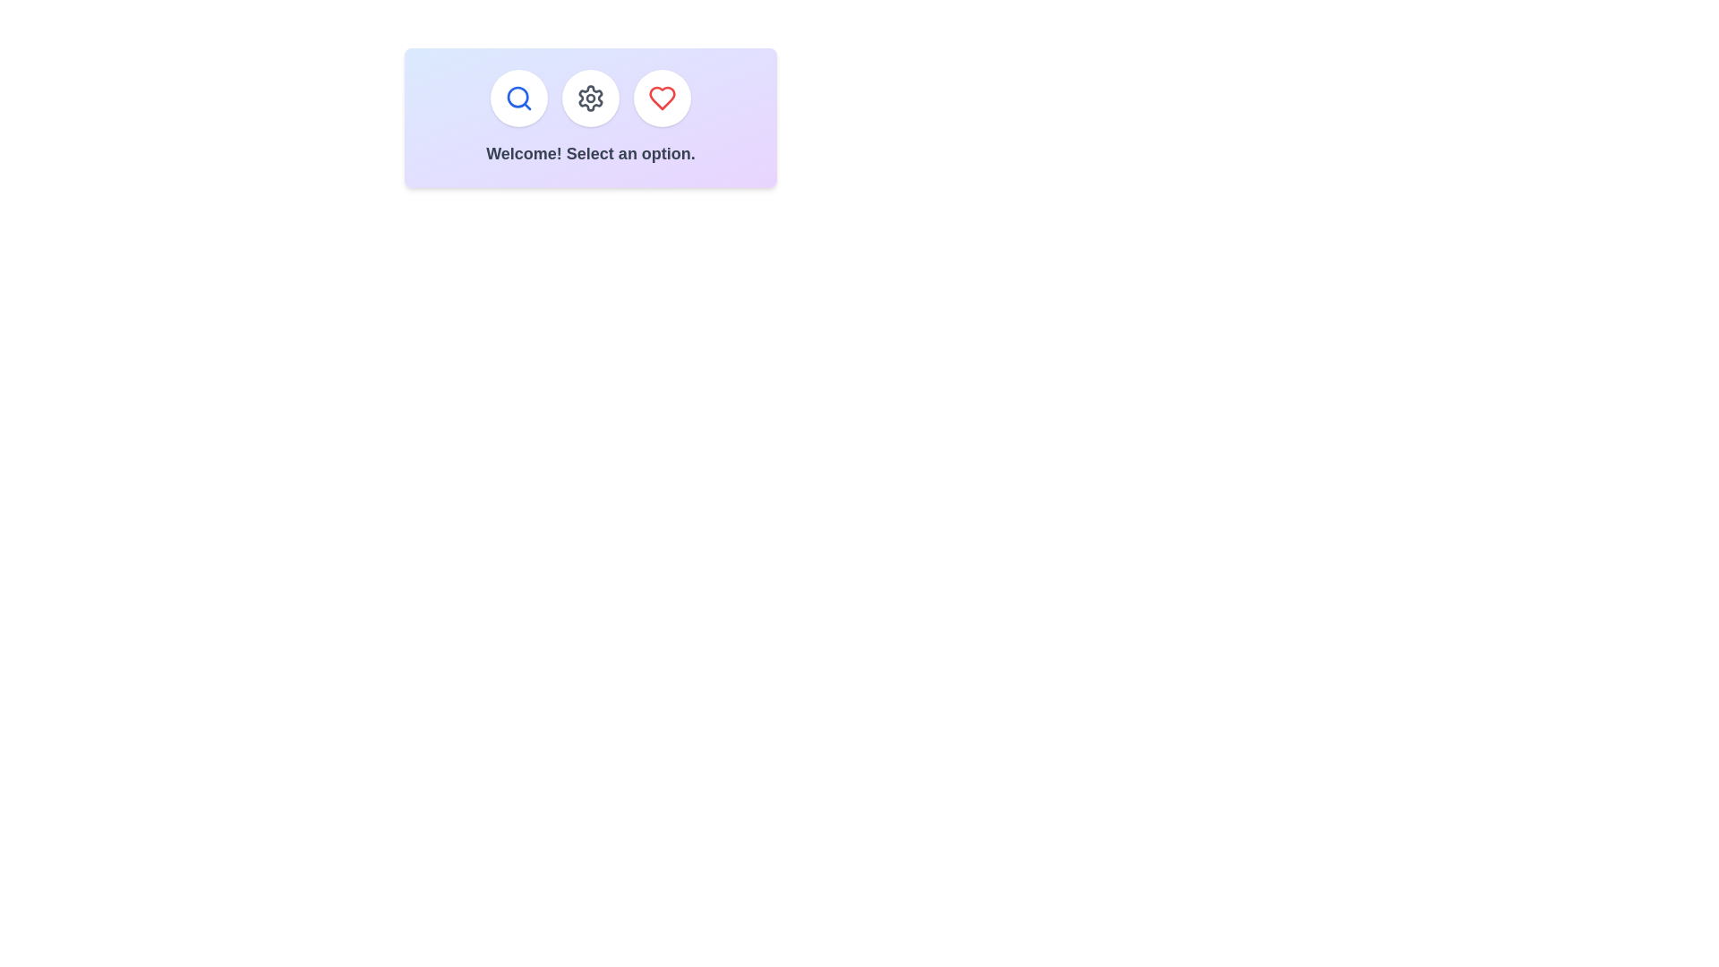  What do you see at coordinates (591, 98) in the screenshot?
I see `the circular button with a white background and a gear icon` at bounding box center [591, 98].